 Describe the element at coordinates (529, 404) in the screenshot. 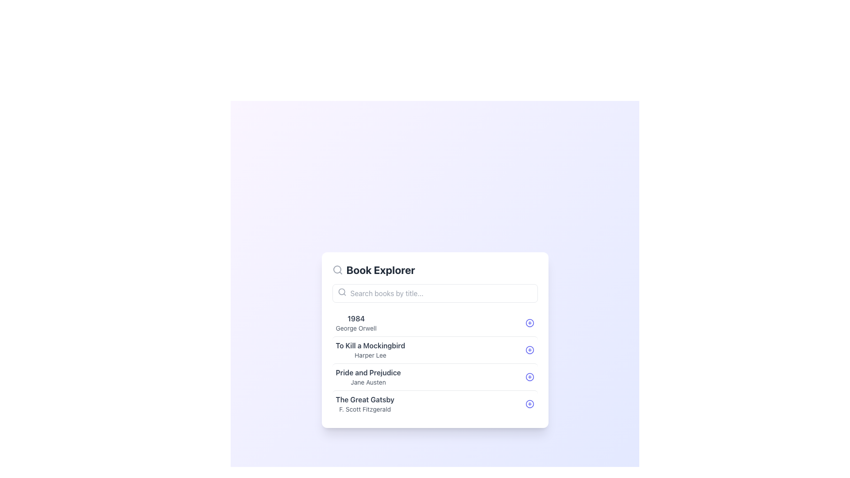

I see `the circular '+' icon button, which is indigo and located on the far-right side of the row containing 'The Great Gatsby' and 'F. Scott Fitzgerald'` at that location.